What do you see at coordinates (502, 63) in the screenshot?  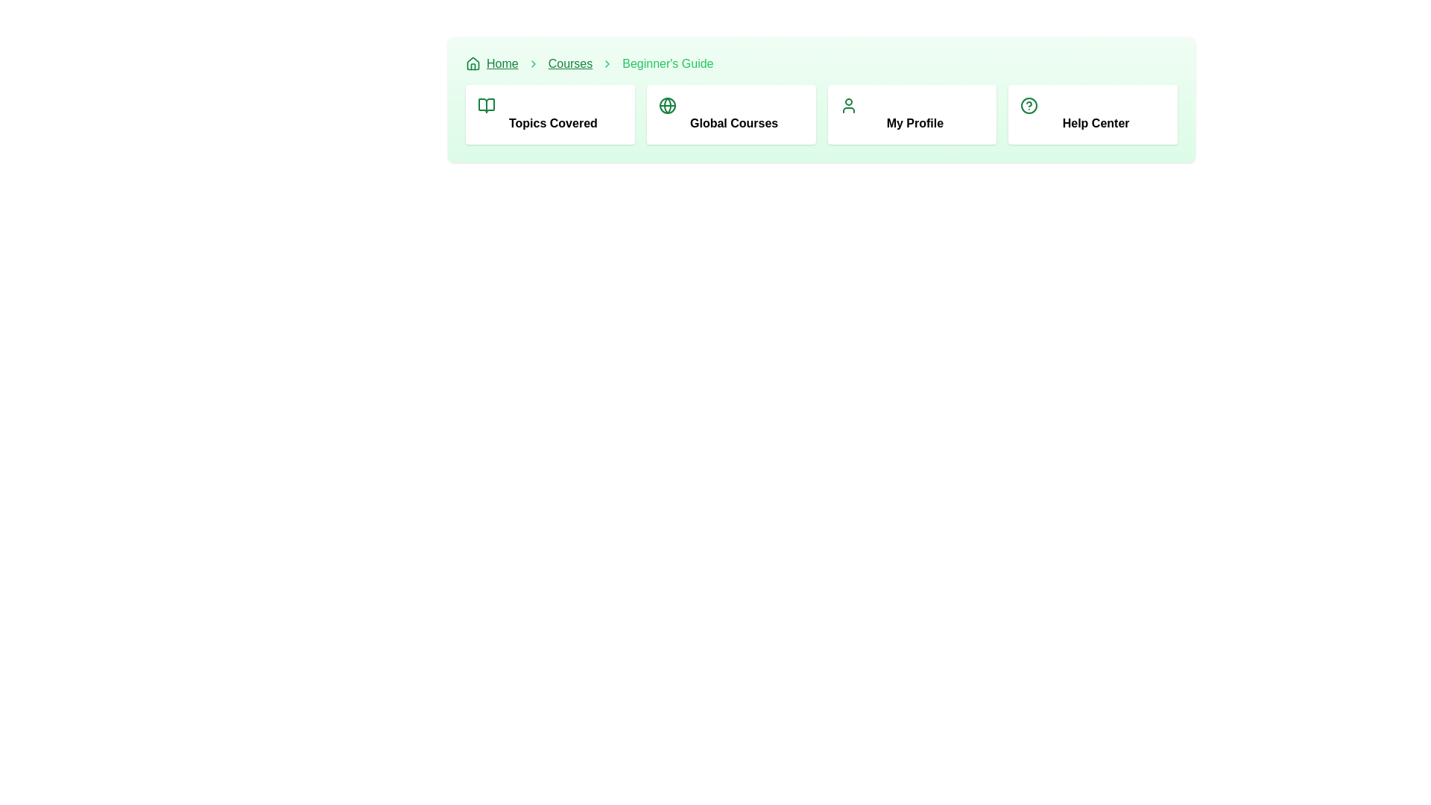 I see `the 'Home' link` at bounding box center [502, 63].